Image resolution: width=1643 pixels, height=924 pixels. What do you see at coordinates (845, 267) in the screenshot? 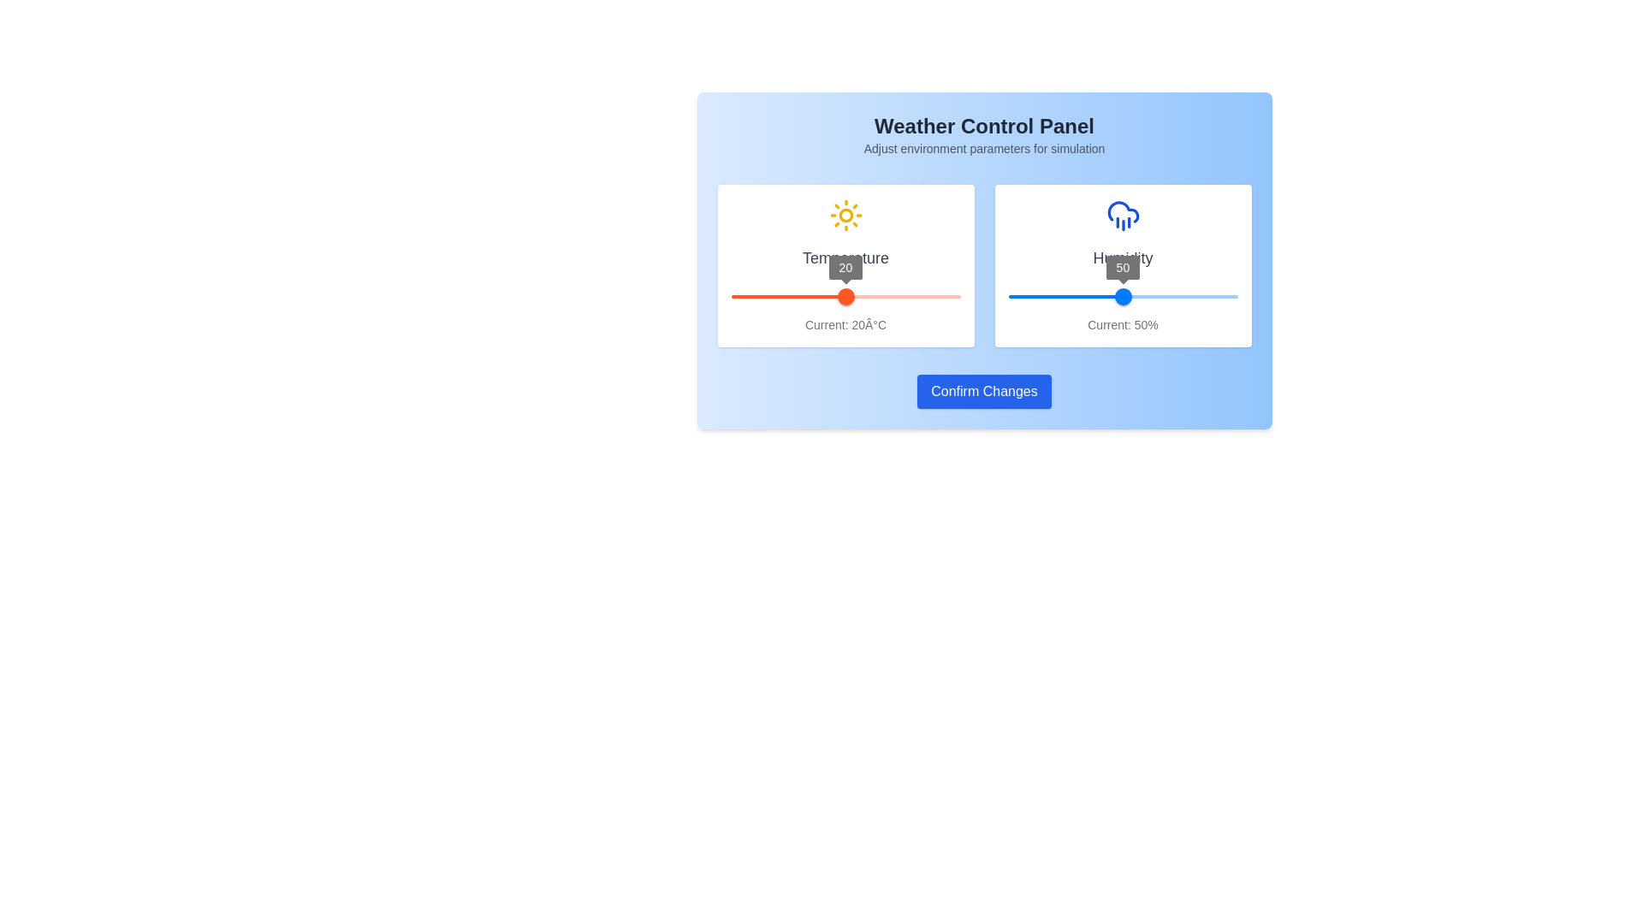
I see `the temperature value label located above the red circular slider knob in the Temperature control interface of the Weather Control Panel` at bounding box center [845, 267].